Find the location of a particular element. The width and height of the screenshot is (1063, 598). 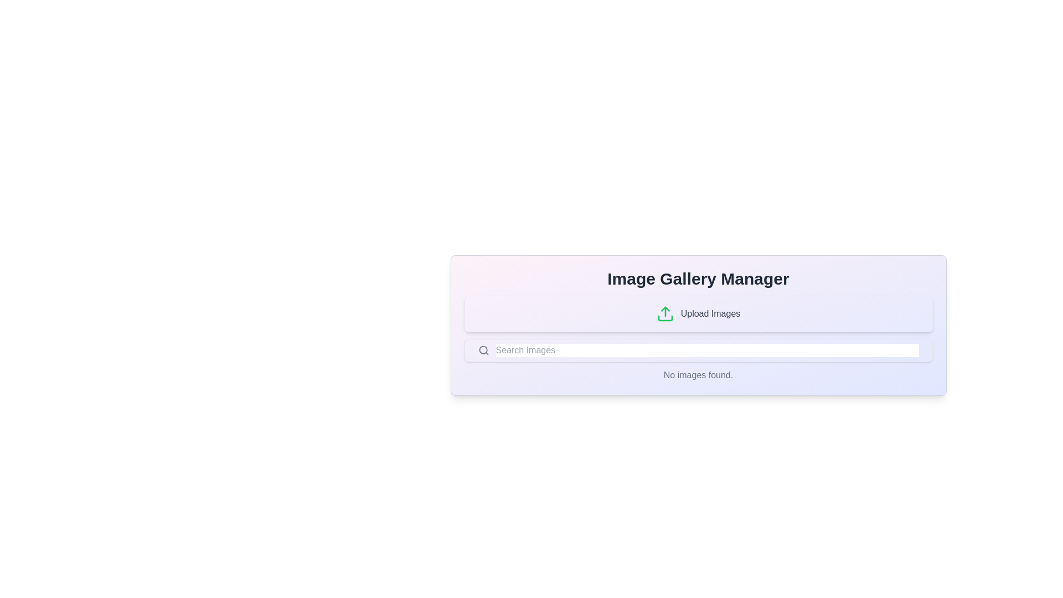

the bold header 'Image Gallery Manager' which is centrally aligned and styled with a gray shade, serving as the primary heading of the image gallery section is located at coordinates (698, 279).